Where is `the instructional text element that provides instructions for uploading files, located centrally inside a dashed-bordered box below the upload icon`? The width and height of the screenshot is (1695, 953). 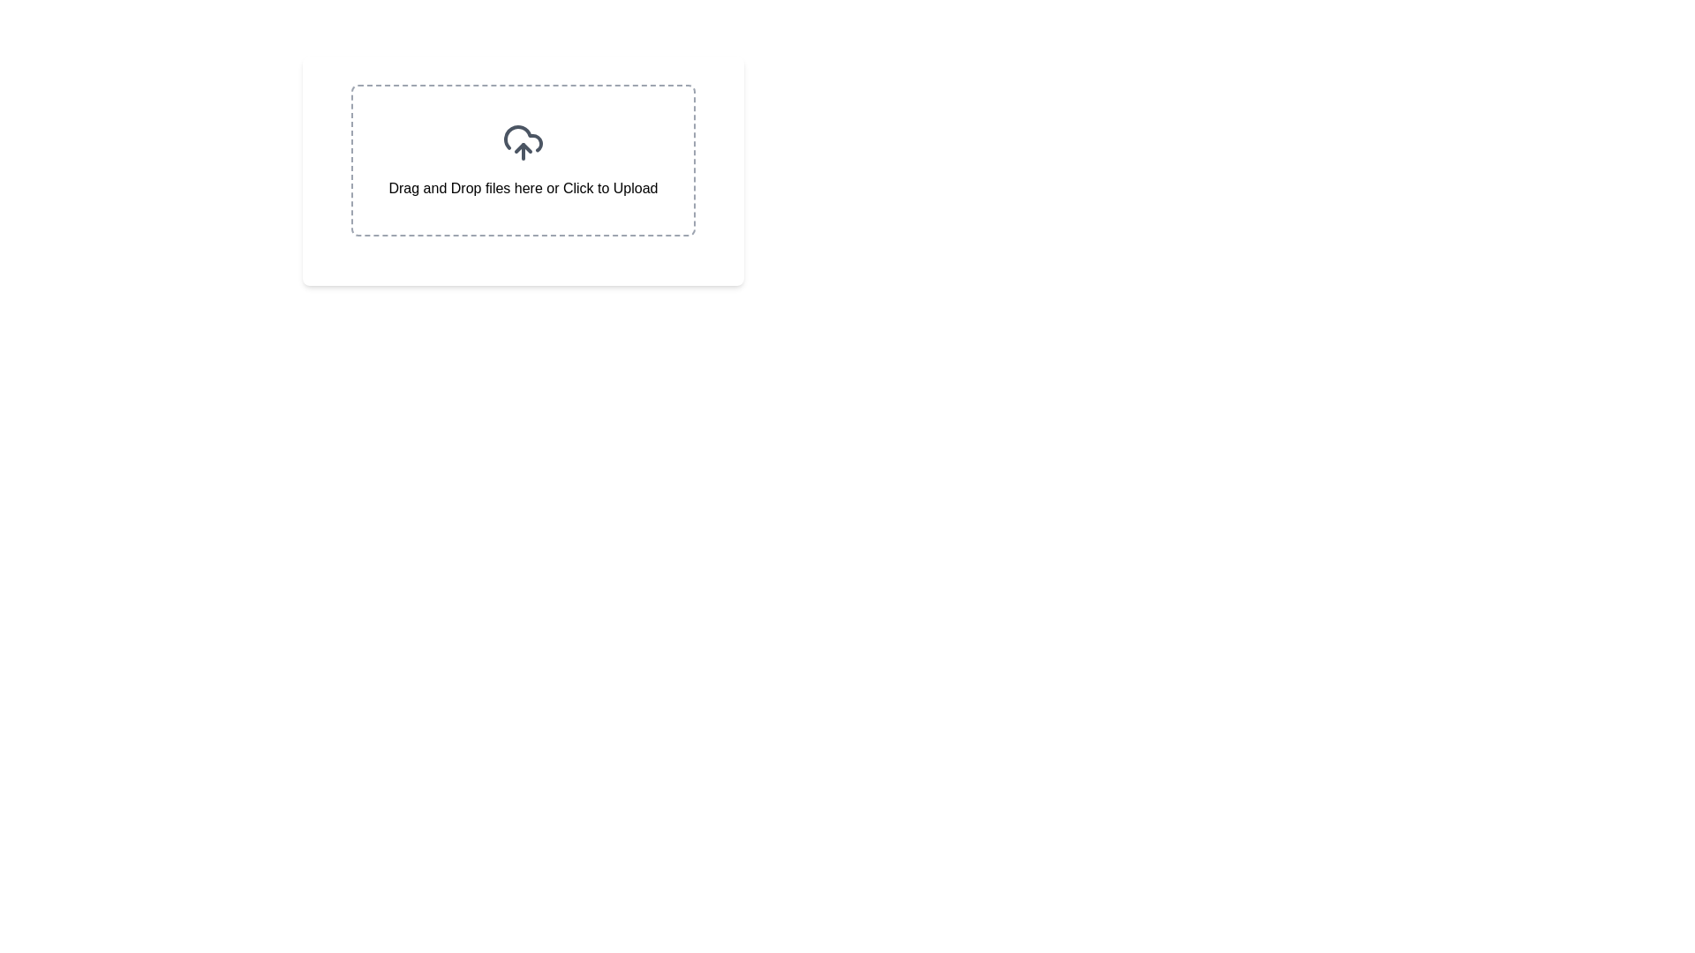 the instructional text element that provides instructions for uploading files, located centrally inside a dashed-bordered box below the upload icon is located at coordinates (523, 188).